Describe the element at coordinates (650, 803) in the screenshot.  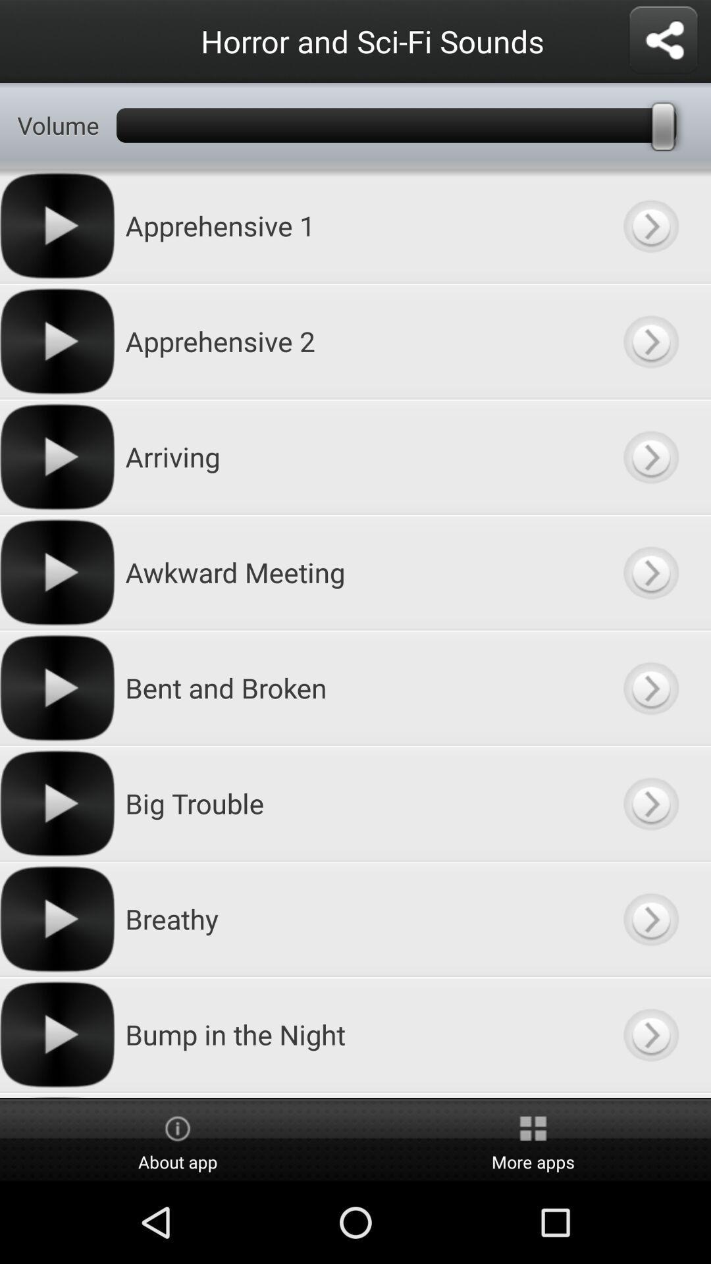
I see `details` at that location.